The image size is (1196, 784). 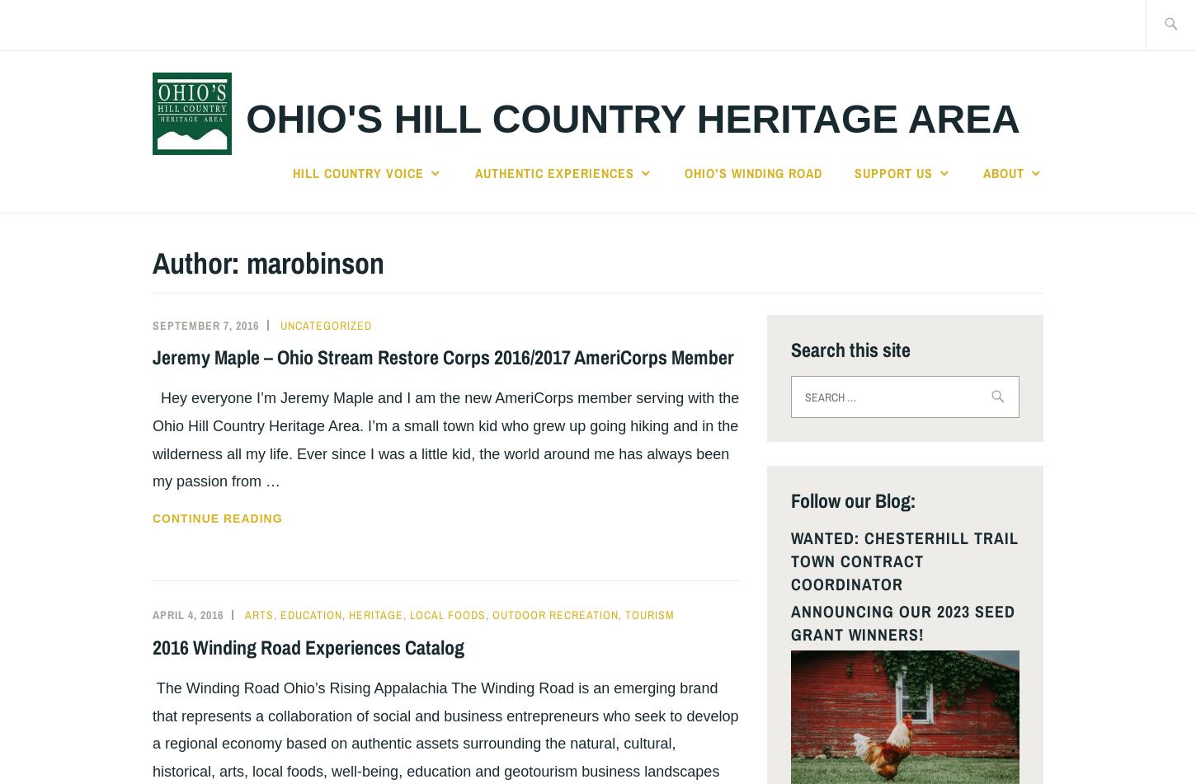 I want to click on 'Hill Country Voice', so click(x=357, y=172).